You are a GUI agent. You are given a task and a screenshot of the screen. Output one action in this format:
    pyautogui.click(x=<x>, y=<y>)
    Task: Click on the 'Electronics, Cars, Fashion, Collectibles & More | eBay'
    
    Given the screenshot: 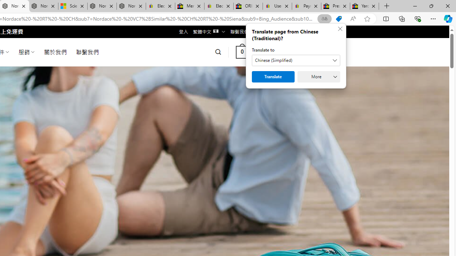 What is the action you would take?
    pyautogui.click(x=218, y=6)
    